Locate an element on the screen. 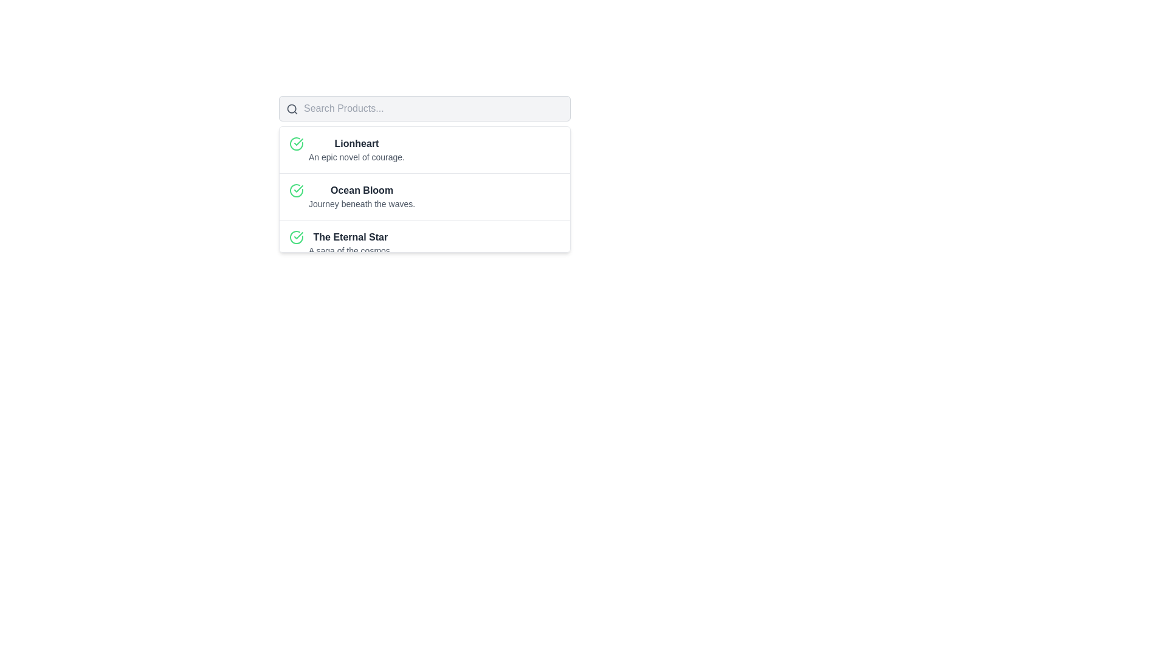 The width and height of the screenshot is (1167, 656). the list item 'The Eternal Star' is located at coordinates (425, 243).